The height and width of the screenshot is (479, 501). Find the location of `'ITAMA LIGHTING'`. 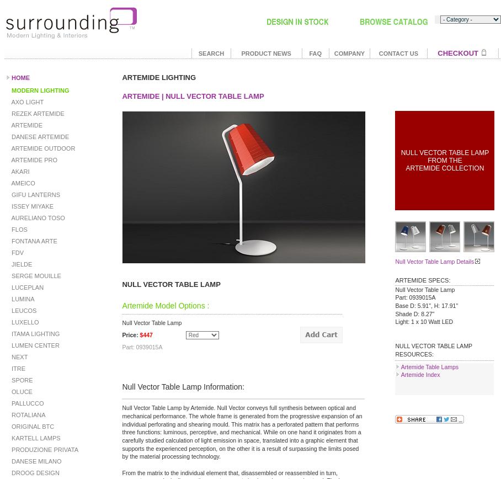

'ITAMA LIGHTING' is located at coordinates (9, 333).